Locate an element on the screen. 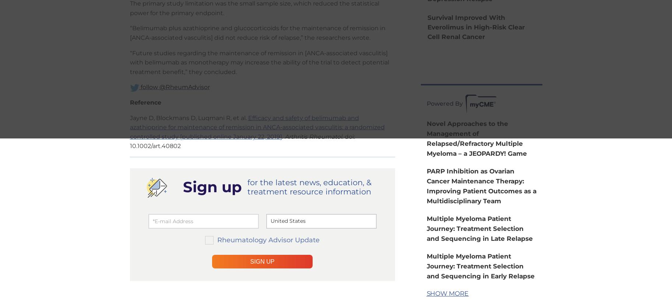  '“Future studies regarding the maintenance of remission in [ANCA-associated vasculitis] with belimumab as monotherapy may increase the ability of the trial to detect potential treatment benefit,” they concluded.' is located at coordinates (259, 62).